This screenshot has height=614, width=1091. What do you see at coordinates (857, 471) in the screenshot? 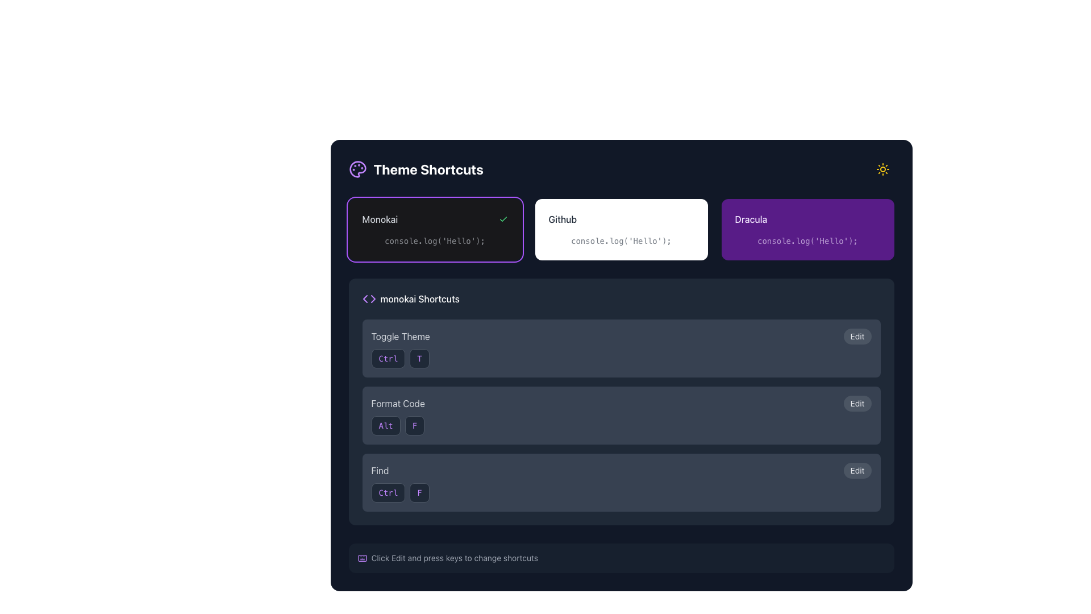
I see `the 'Edit' button with a rounded shape and dark gray background located at the far right of the bottommost row in the 'Find' shortcut section` at bounding box center [857, 471].